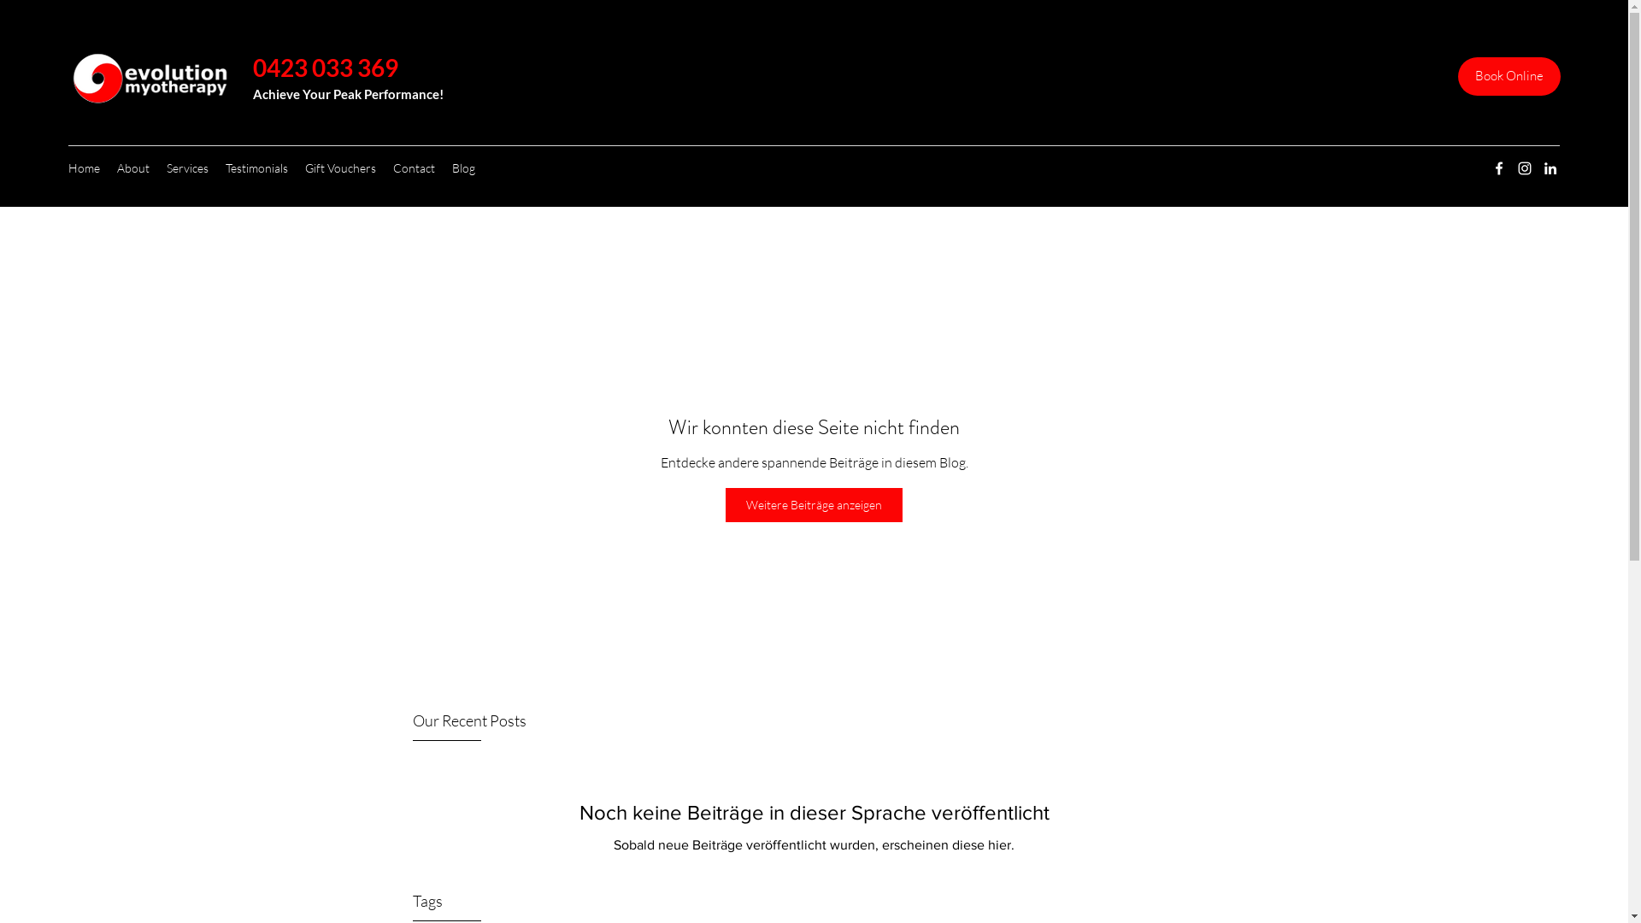  I want to click on 'About', so click(107, 168).